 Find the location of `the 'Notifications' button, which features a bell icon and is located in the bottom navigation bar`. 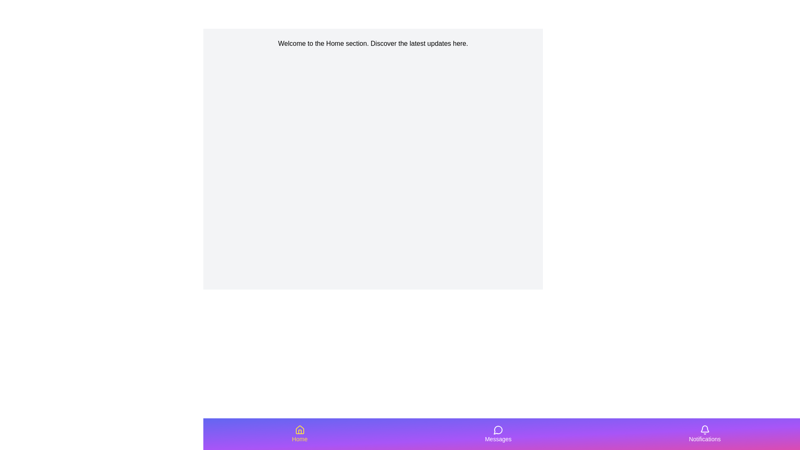

the 'Notifications' button, which features a bell icon and is located in the bottom navigation bar is located at coordinates (704, 433).